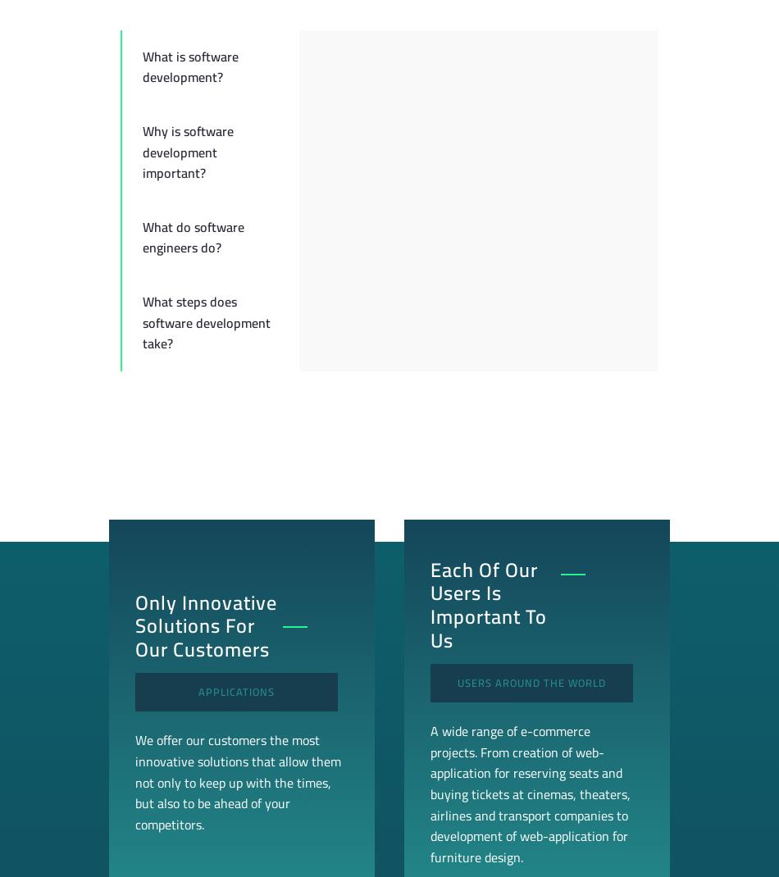 The height and width of the screenshot is (877, 779). Describe the element at coordinates (190, 65) in the screenshot. I see `'What is software development?'` at that location.